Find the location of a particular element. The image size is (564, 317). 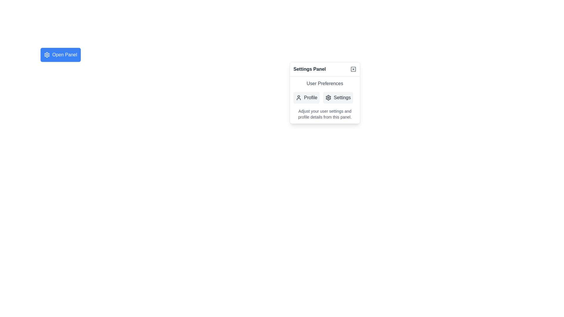

the static descriptive text at the bottom of the settings panel, which is styled in gray (#gray-600) and has a small font size (text-sm) is located at coordinates (324, 114).